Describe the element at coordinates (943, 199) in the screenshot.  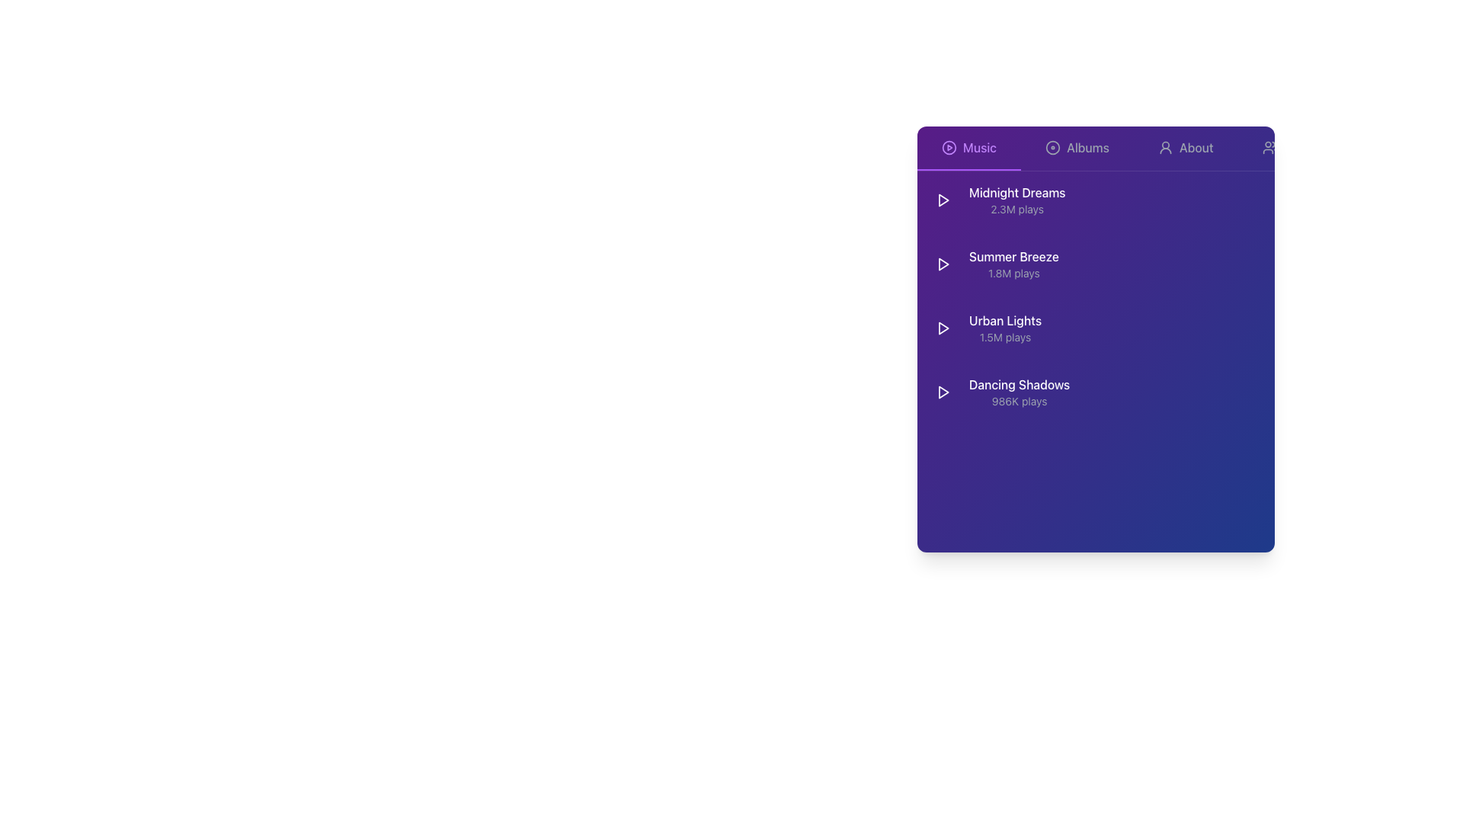
I see `the play button located to the left of the text 'Midnight Dreams'` at that location.